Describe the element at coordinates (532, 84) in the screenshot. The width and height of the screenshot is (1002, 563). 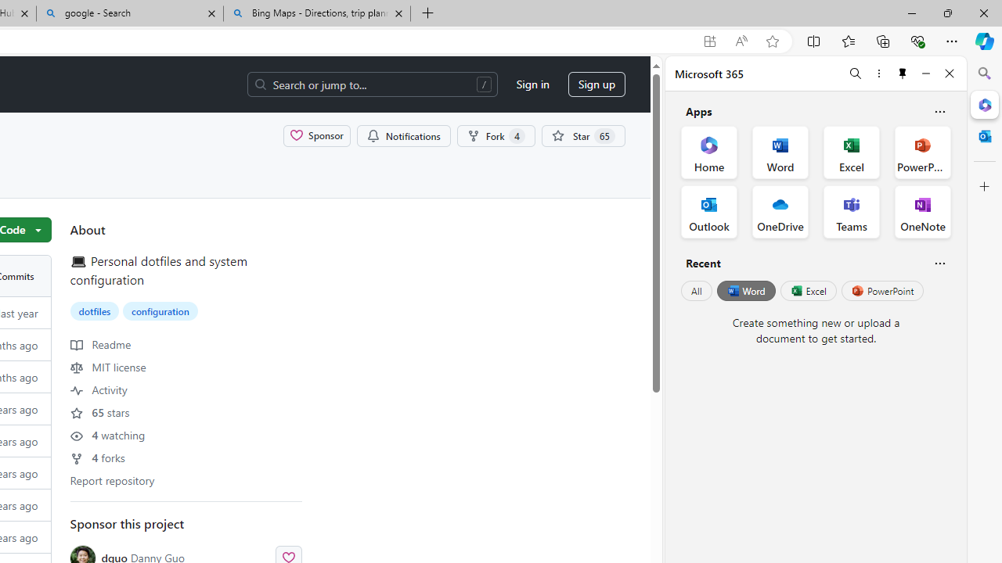
I see `'Sign in'` at that location.